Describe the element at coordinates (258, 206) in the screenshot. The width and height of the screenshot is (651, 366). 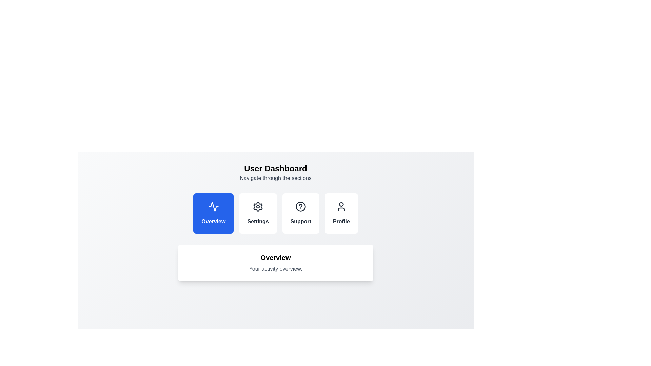
I see `the gear icon inside the 'Settings' button` at that location.